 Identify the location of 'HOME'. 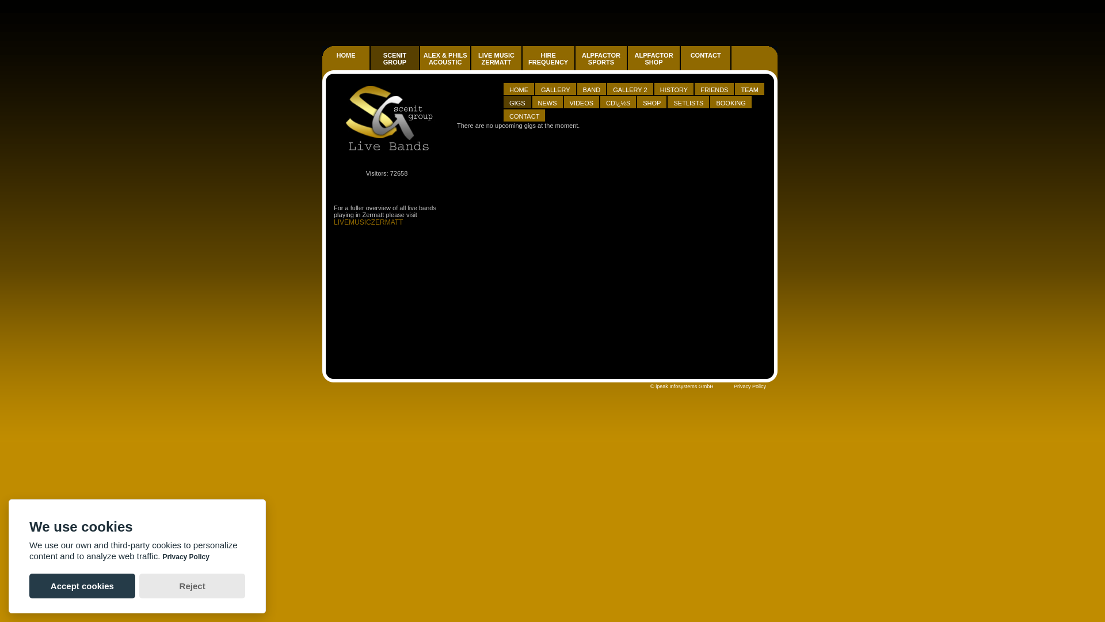
(519, 88).